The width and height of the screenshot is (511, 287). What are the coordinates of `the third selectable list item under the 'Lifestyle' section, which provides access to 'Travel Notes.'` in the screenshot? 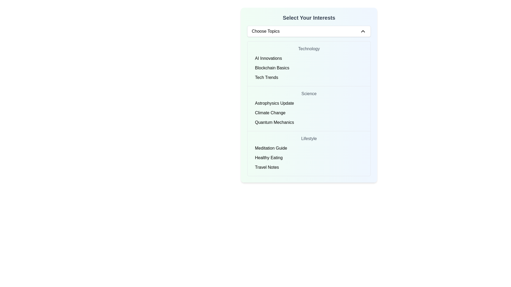 It's located at (309, 167).